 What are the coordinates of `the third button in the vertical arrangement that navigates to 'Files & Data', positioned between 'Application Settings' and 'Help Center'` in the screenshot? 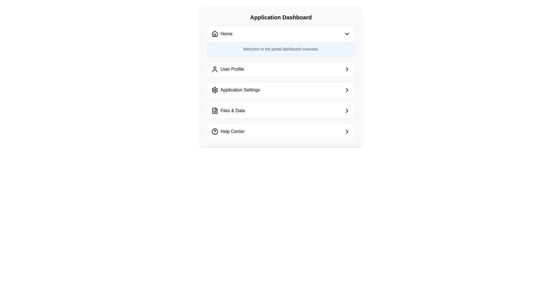 It's located at (281, 111).